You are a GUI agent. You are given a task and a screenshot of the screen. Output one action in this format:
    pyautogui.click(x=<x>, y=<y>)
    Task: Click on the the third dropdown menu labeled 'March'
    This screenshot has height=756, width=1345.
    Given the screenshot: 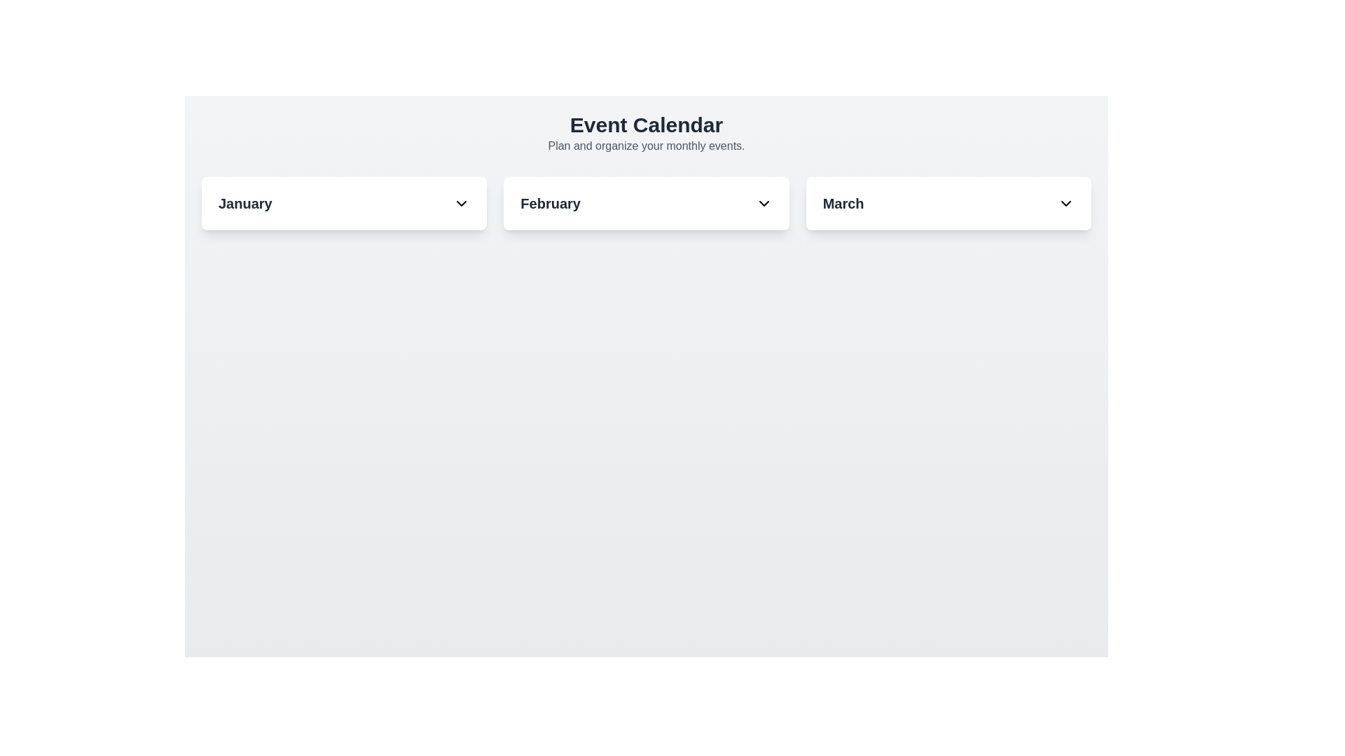 What is the action you would take?
    pyautogui.click(x=948, y=203)
    